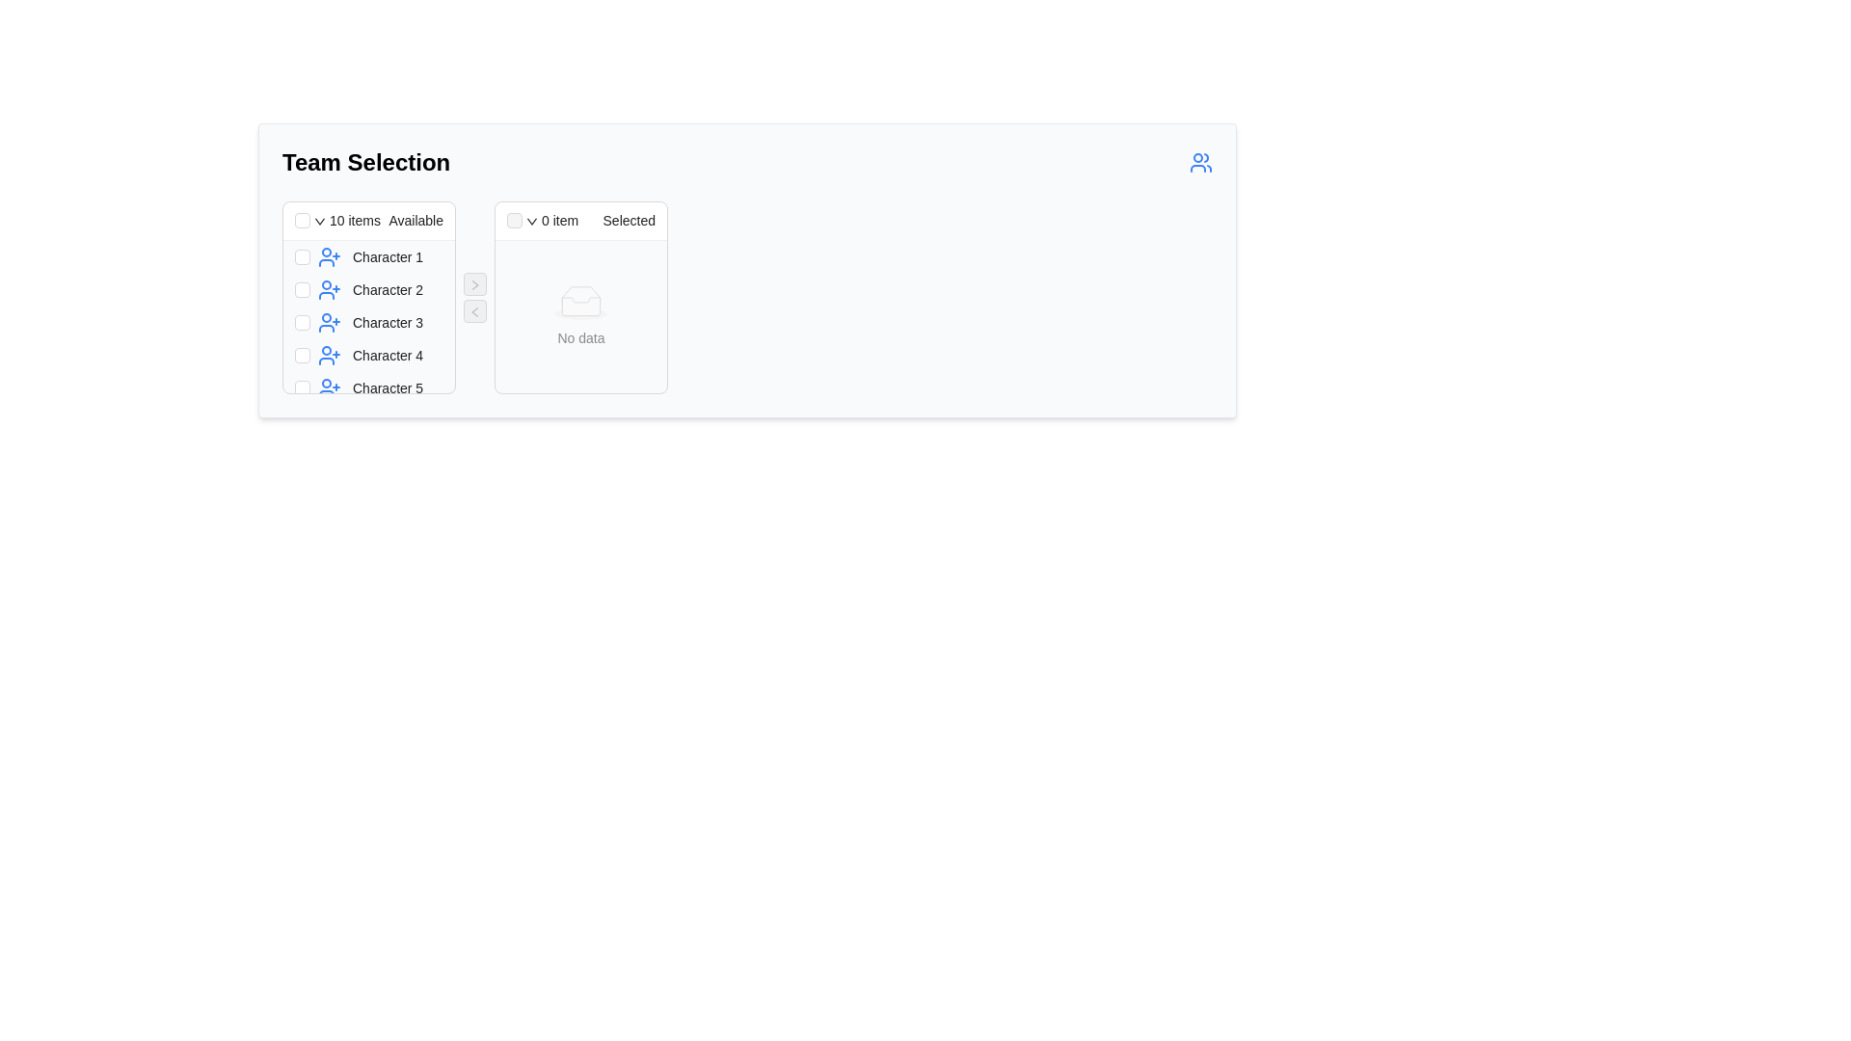 The width and height of the screenshot is (1851, 1041). What do you see at coordinates (329, 289) in the screenshot?
I see `the icon indicating the action related to adding or associating a user for 'Character 2', which is the leftmost component of the list item in the left panel` at bounding box center [329, 289].